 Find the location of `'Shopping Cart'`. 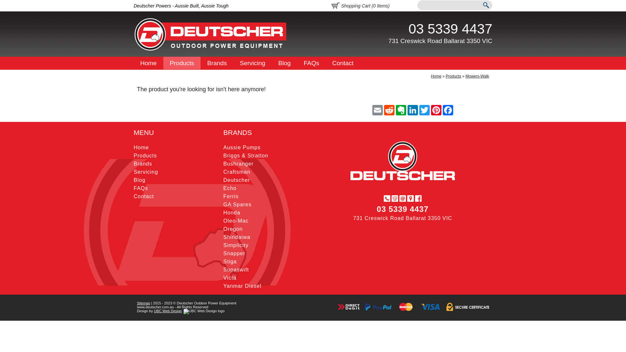

'Shopping Cart' is located at coordinates (336, 5).